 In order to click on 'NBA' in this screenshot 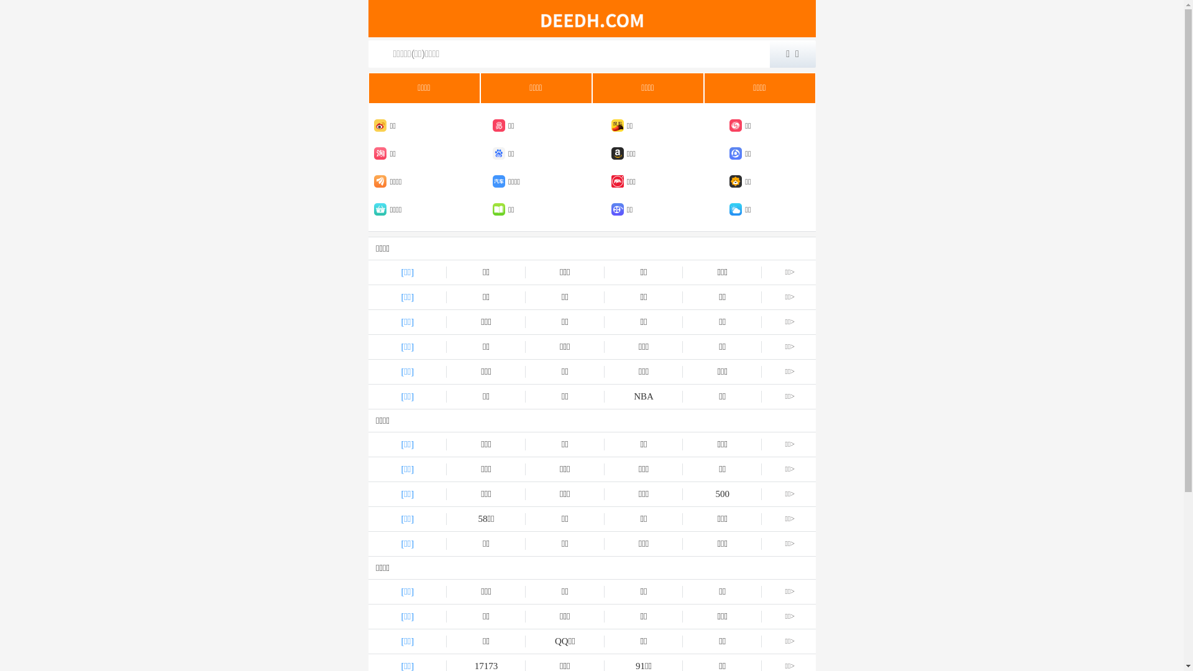, I will do `click(605, 396)`.